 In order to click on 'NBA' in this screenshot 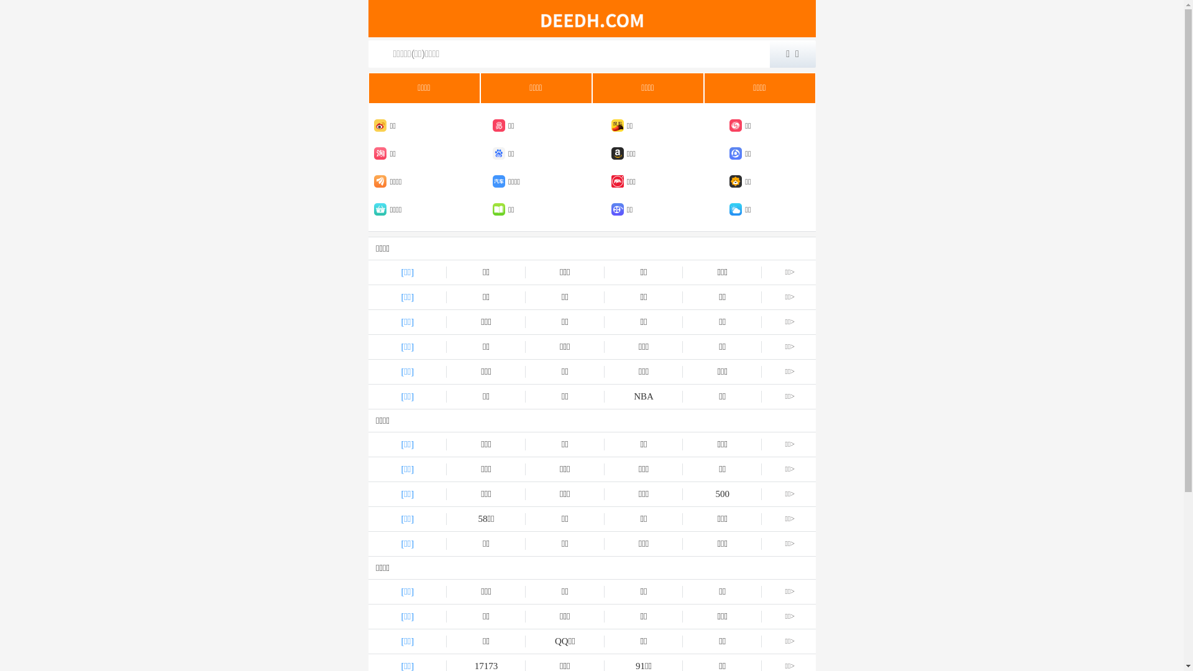, I will do `click(605, 396)`.